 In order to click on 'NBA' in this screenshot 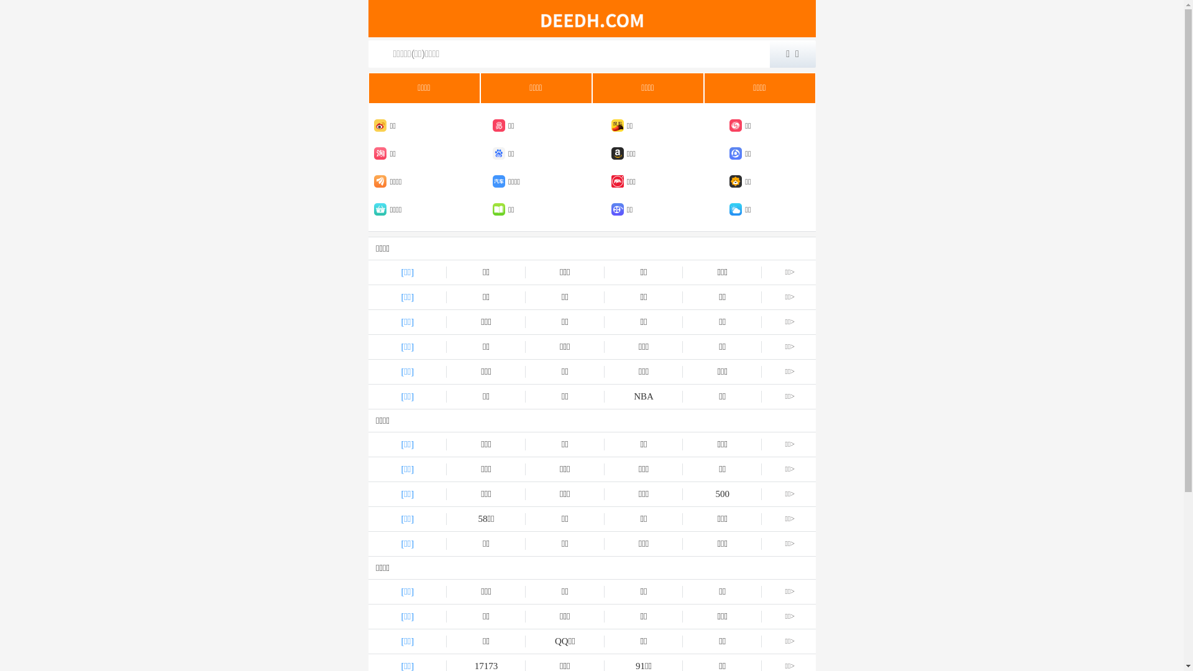, I will do `click(605, 396)`.